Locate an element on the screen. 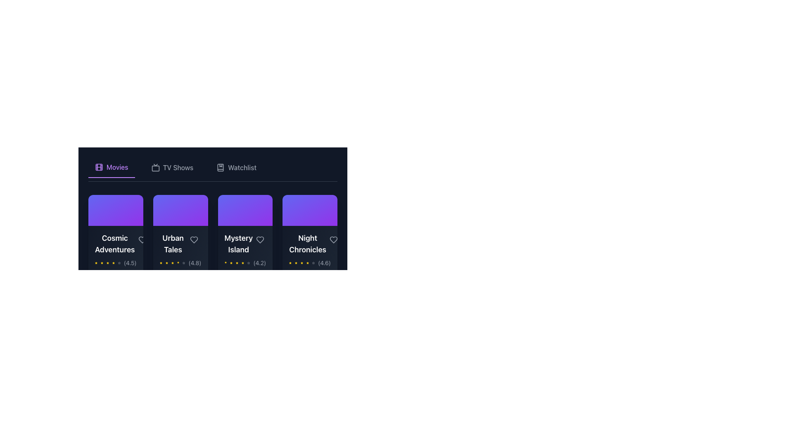 The width and height of the screenshot is (793, 446). the heart-shaped icon button located to the right of the text 'Urban Tales' is located at coordinates (193, 240).